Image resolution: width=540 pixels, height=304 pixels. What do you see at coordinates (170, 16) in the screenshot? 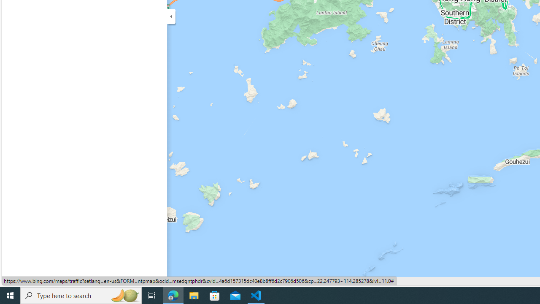
I see `'Expand/Collapse Cards'` at bounding box center [170, 16].